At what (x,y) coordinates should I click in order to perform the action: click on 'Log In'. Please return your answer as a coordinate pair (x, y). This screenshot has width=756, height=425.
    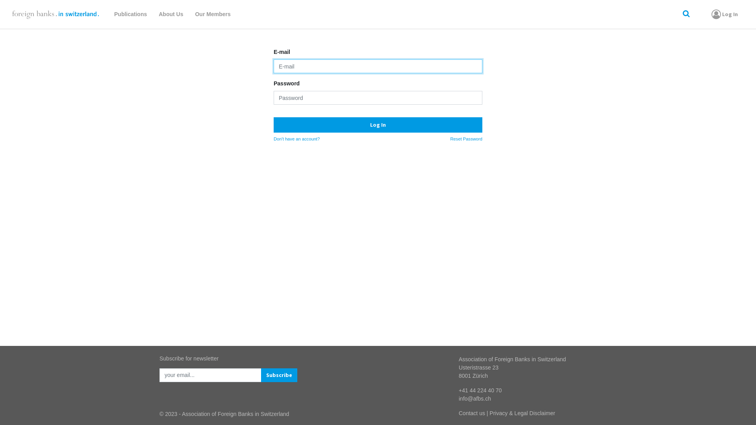
    Looking at the image, I should click on (724, 14).